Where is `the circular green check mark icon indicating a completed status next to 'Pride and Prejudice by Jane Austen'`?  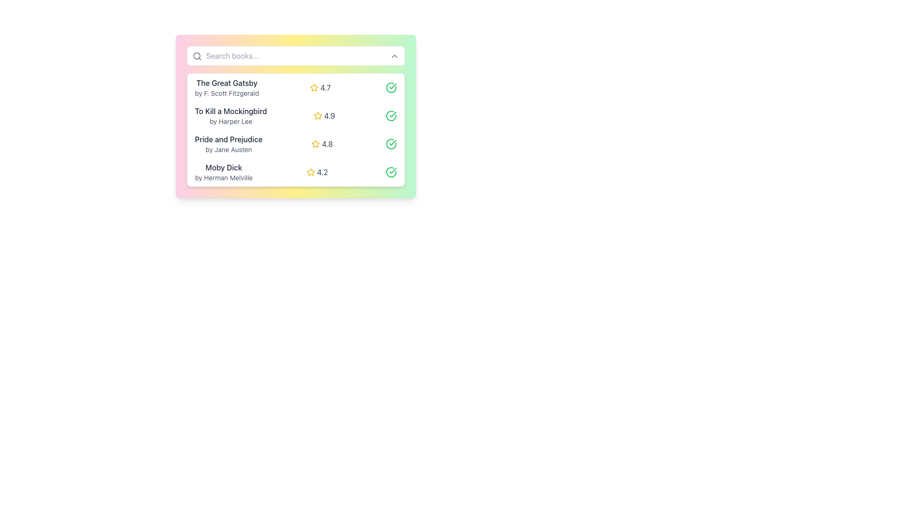 the circular green check mark icon indicating a completed status next to 'Pride and Prejudice by Jane Austen' is located at coordinates (391, 144).